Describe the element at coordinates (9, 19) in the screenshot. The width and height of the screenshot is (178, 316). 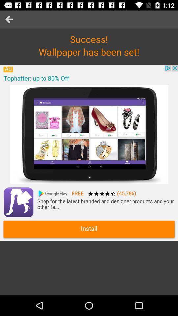
I see `the arrow_backward icon` at that location.